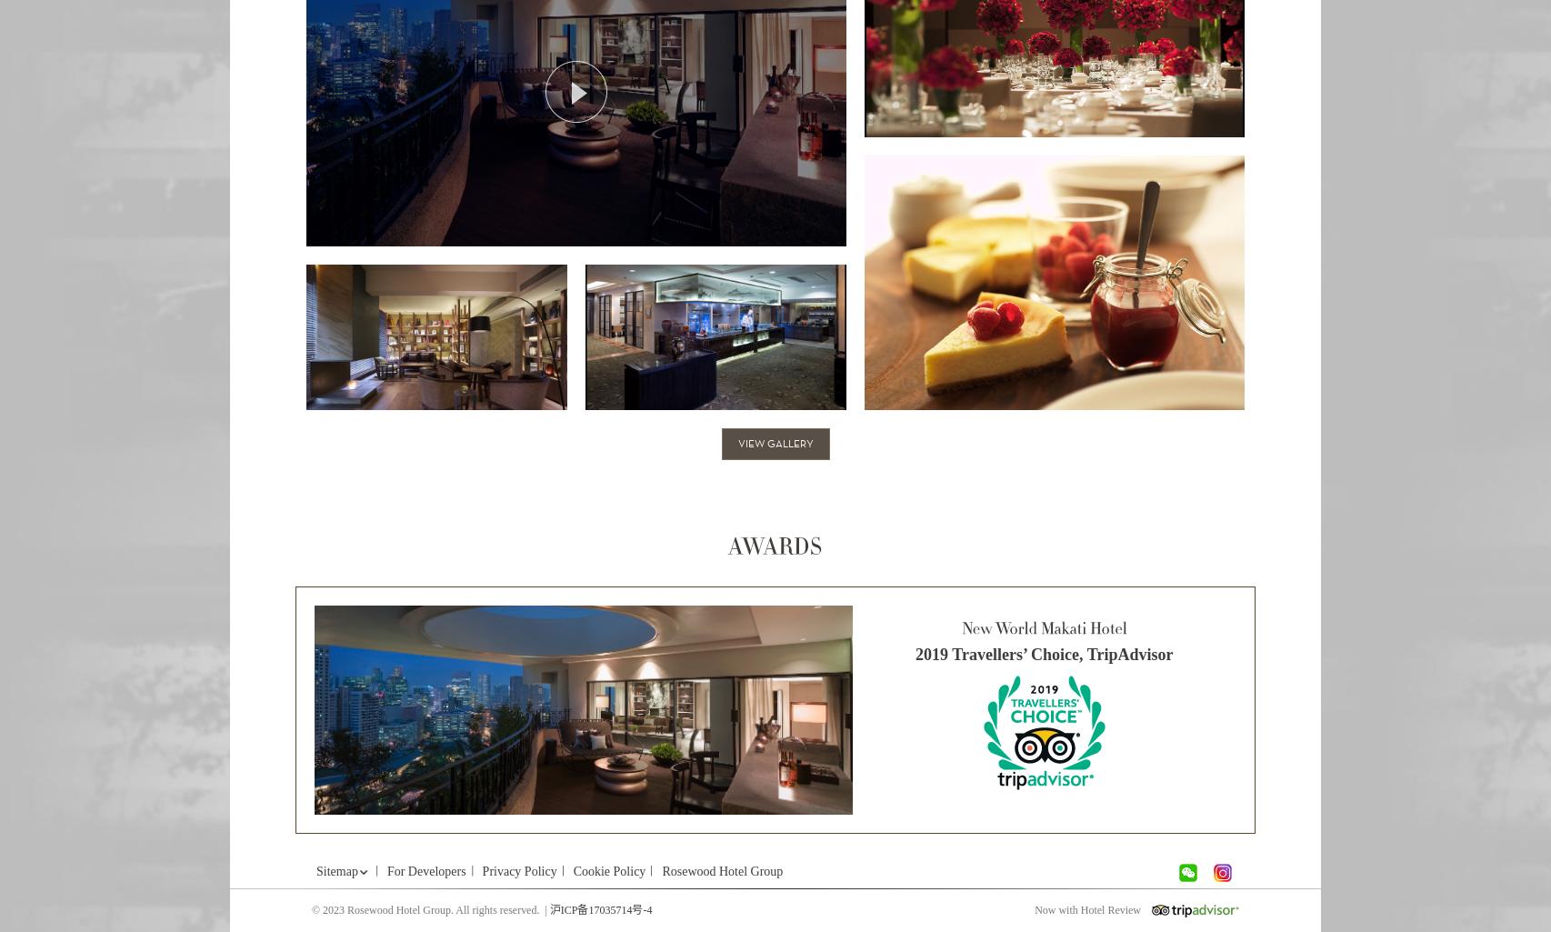 Image resolution: width=1551 pixels, height=932 pixels. Describe the element at coordinates (481, 871) in the screenshot. I see `'Privacy Policy'` at that location.